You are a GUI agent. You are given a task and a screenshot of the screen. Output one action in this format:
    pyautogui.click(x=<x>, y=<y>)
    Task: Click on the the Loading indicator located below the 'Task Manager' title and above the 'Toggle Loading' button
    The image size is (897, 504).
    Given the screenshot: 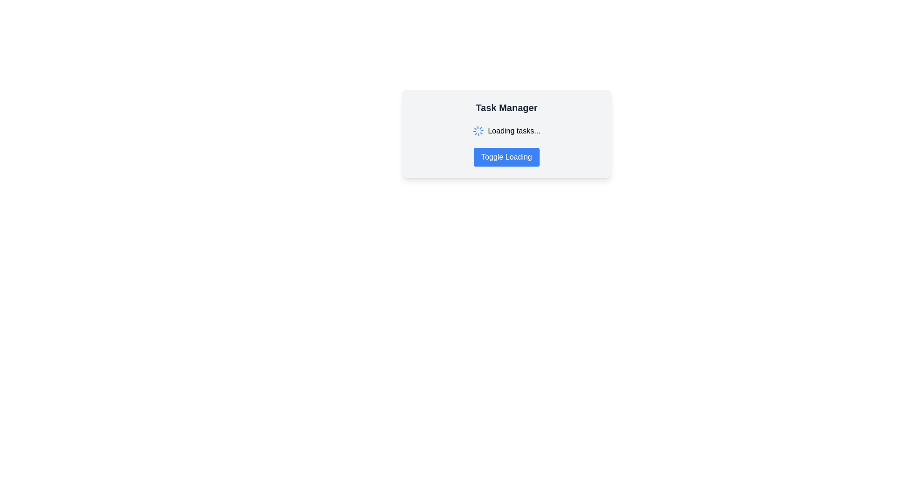 What is the action you would take?
    pyautogui.click(x=506, y=131)
    